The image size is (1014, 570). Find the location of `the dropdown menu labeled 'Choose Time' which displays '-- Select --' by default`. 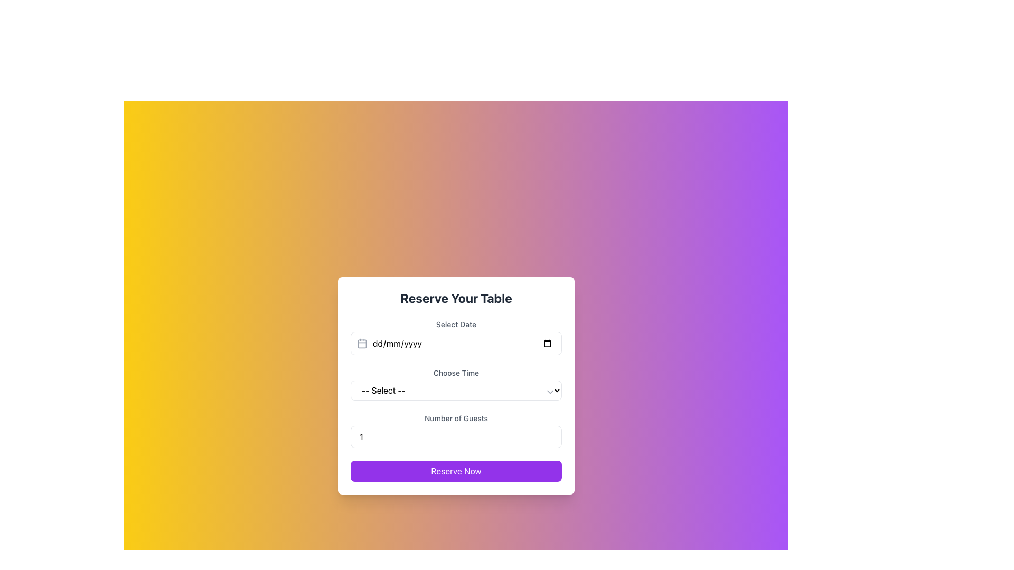

the dropdown menu labeled 'Choose Time' which displays '-- Select --' by default is located at coordinates (456, 391).